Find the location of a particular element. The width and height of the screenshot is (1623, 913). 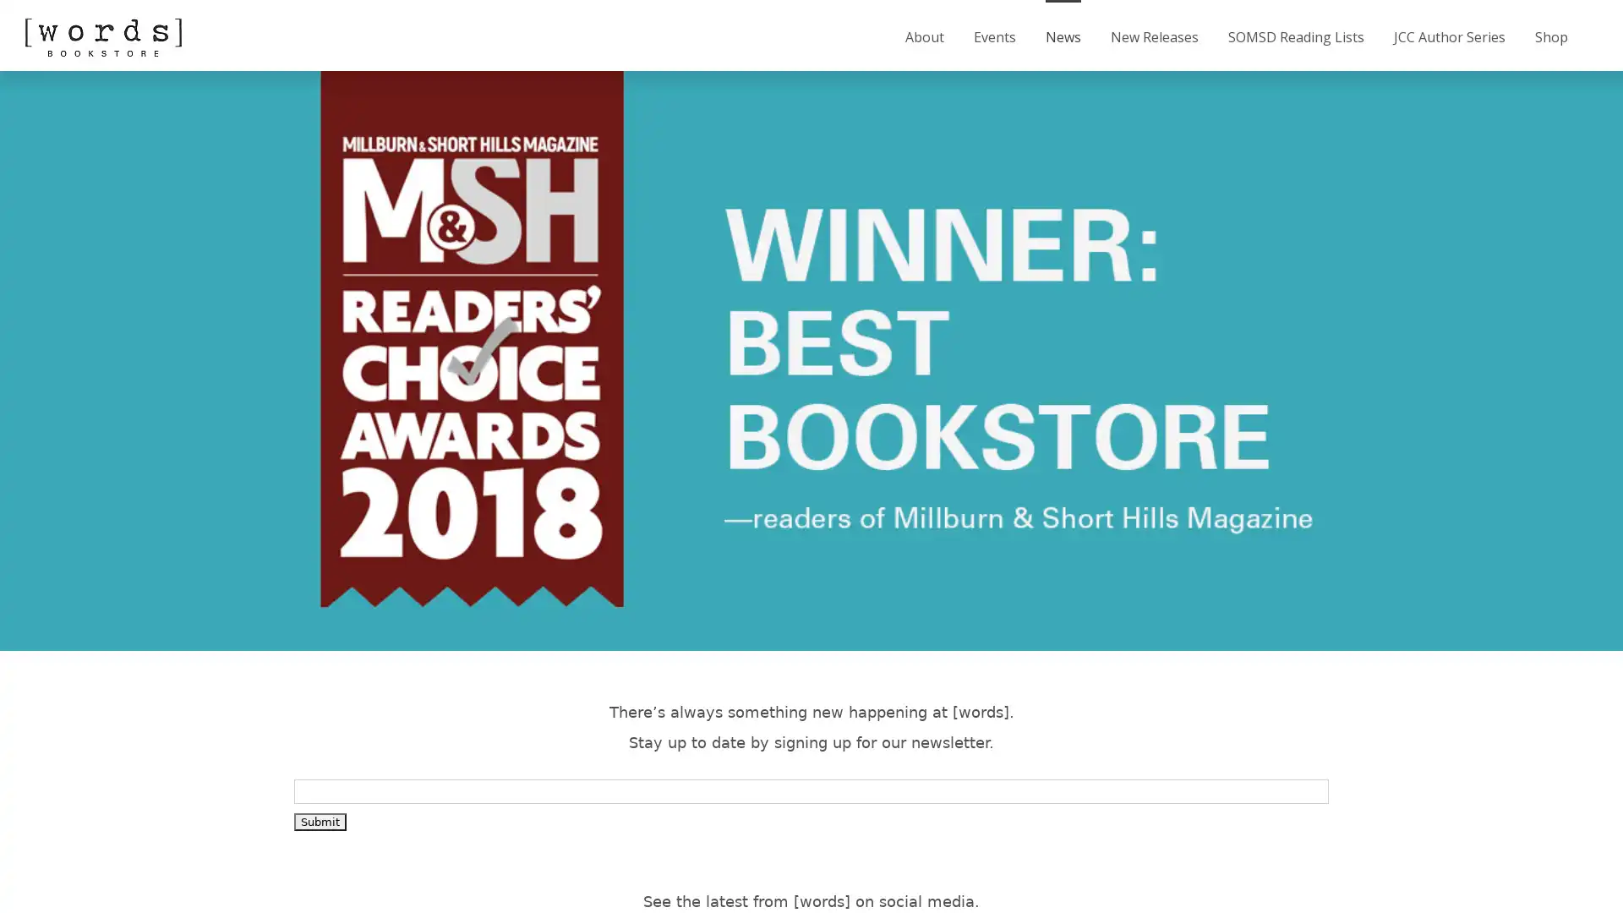

Submit is located at coordinates (320, 820).